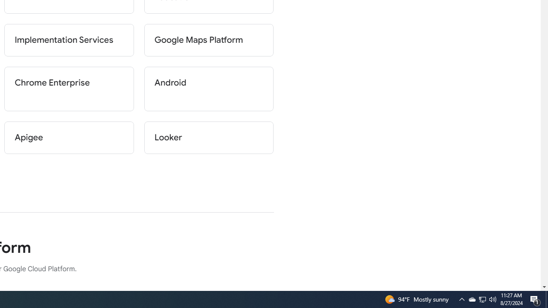 The width and height of the screenshot is (548, 308). What do you see at coordinates (69, 40) in the screenshot?
I see `'Implementation Services'` at bounding box center [69, 40].